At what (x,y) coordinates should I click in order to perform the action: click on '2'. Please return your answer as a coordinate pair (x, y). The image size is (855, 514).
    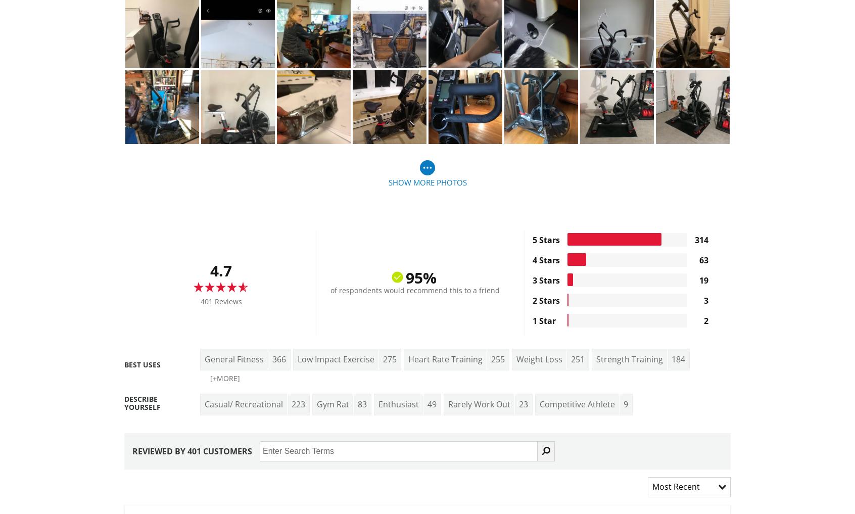
    Looking at the image, I should click on (705, 320).